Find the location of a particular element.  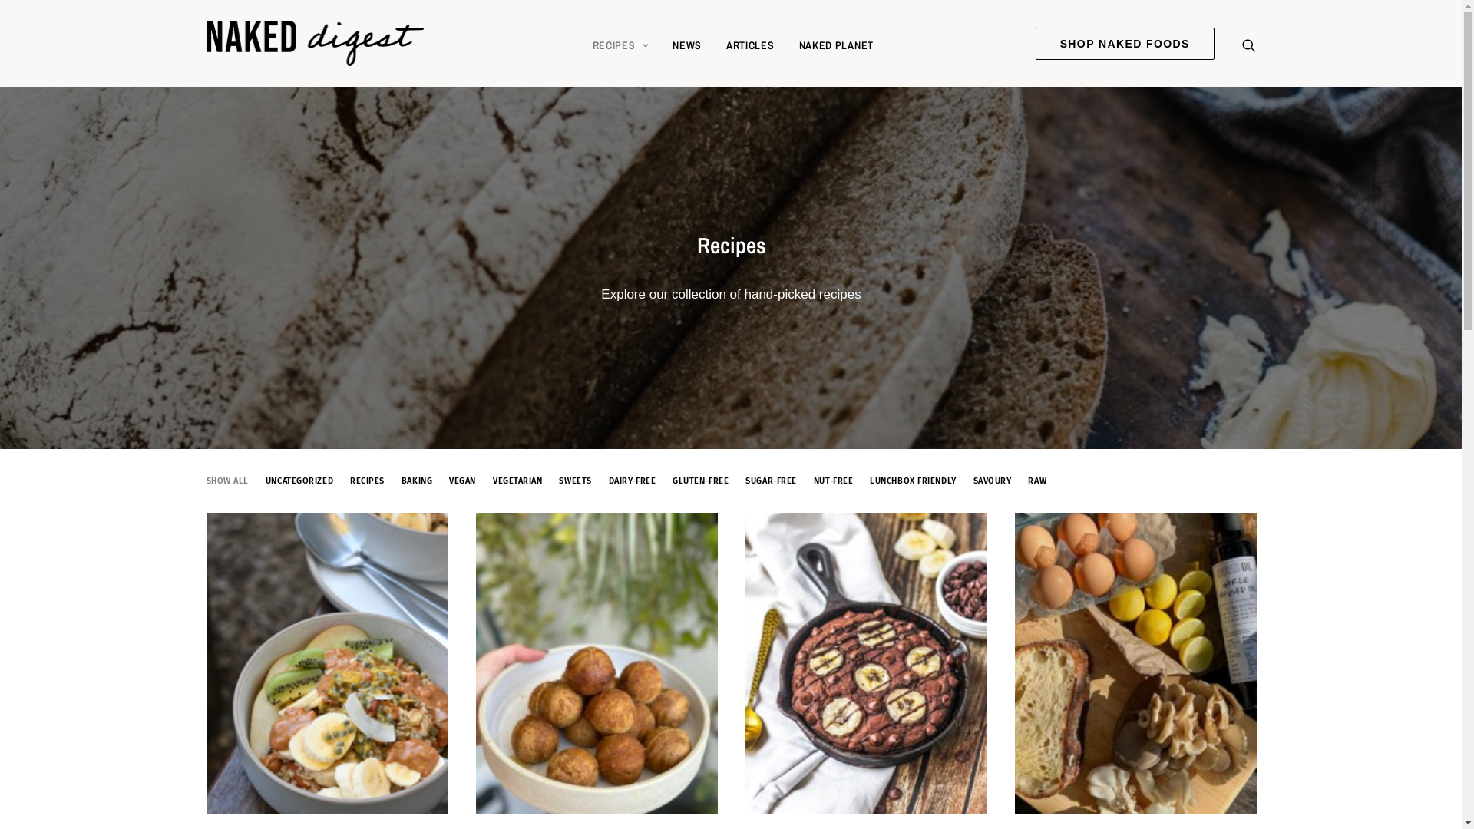

'NAKED PLANET' is located at coordinates (835, 42).